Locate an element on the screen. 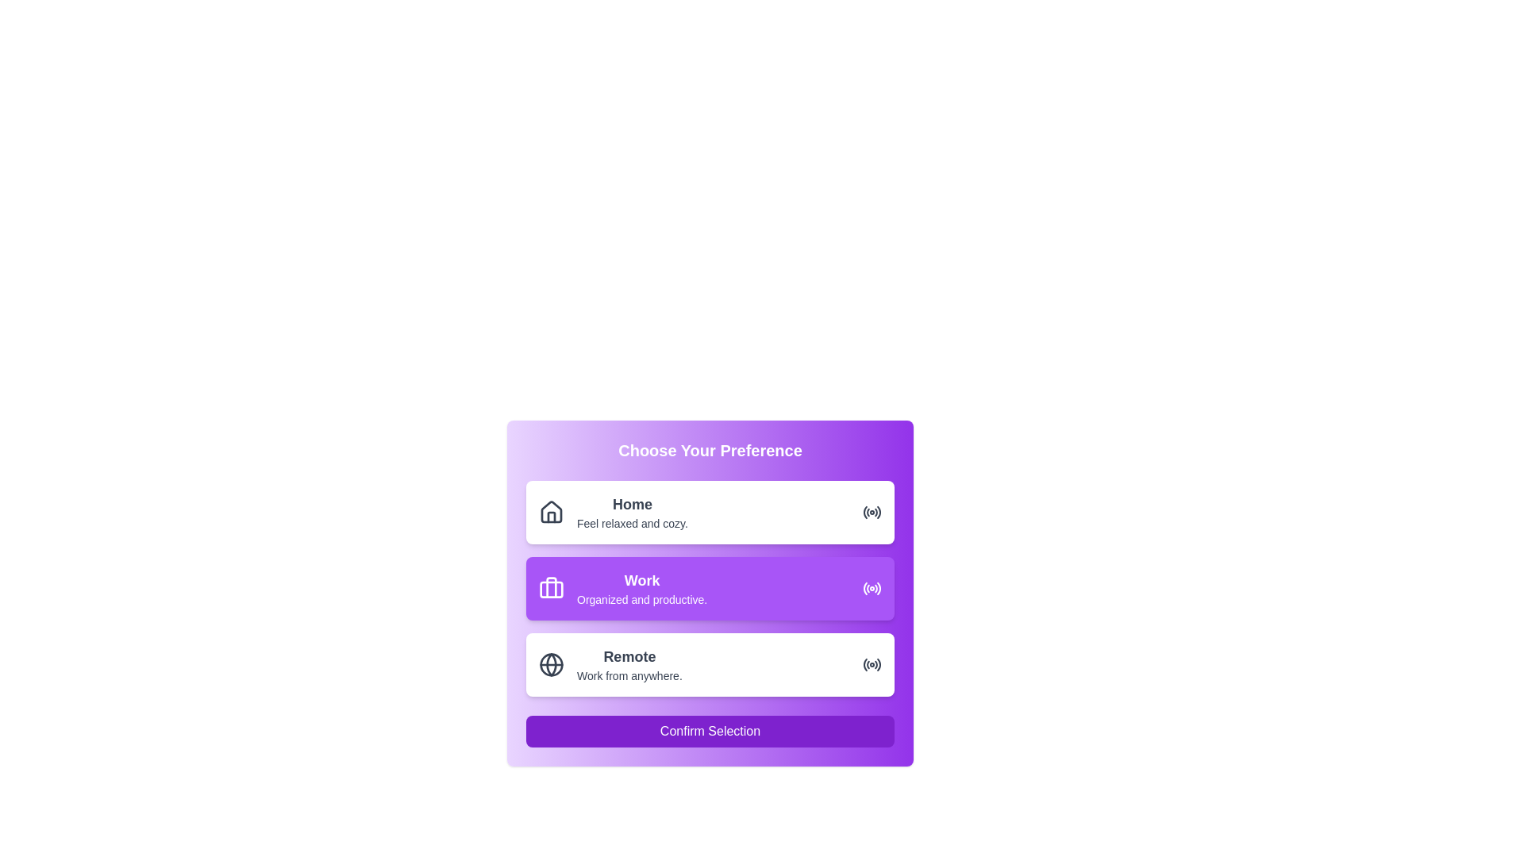 This screenshot has height=857, width=1524. the text element that says 'Work from anywhere.' which is styled in a small font size and located below the bold text 'Remote' within a purple selection box is located at coordinates (629, 676).